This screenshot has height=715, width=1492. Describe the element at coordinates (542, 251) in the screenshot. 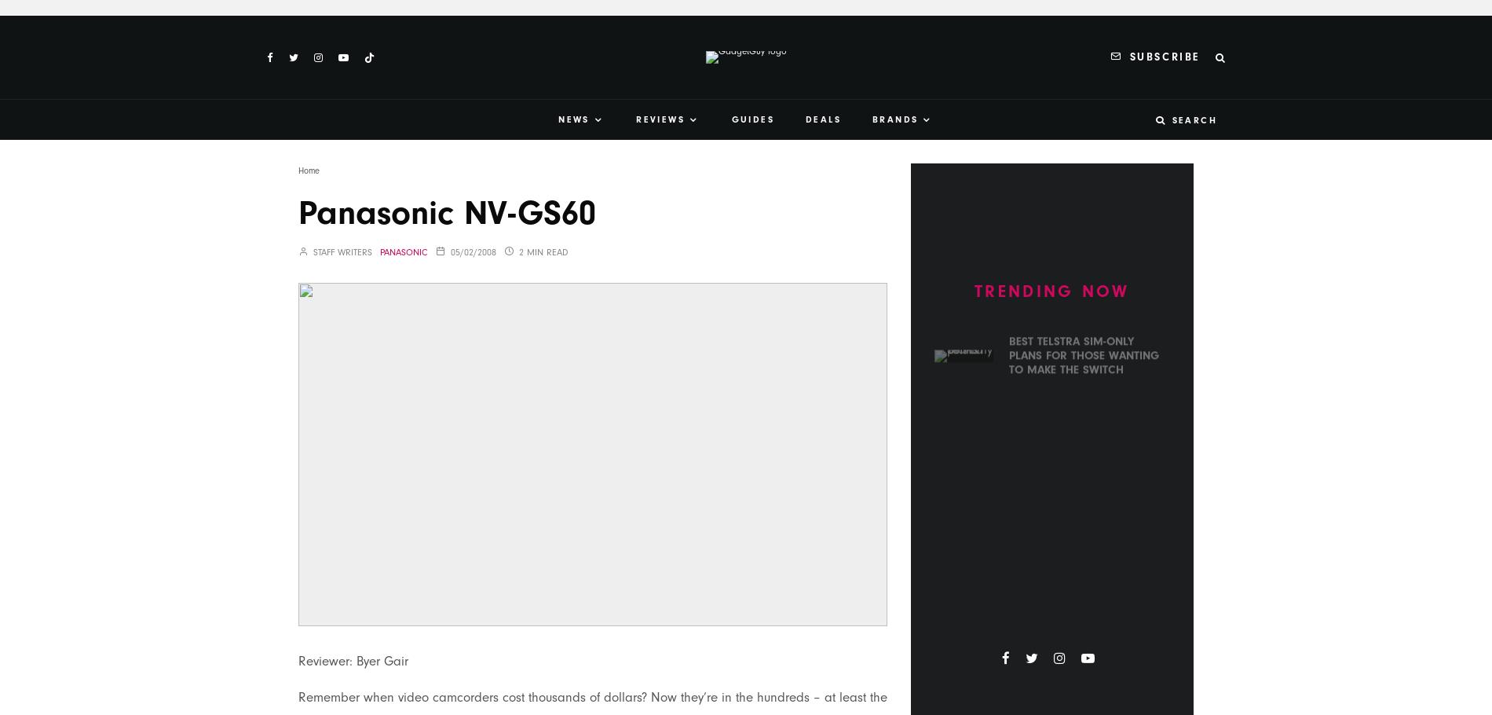

I see `'2 min read'` at that location.